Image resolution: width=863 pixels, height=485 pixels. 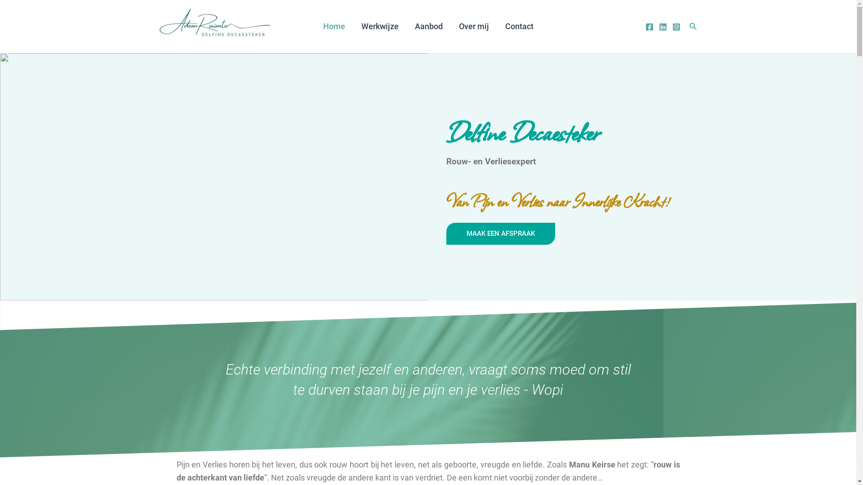 I want to click on 'Over mij', so click(x=473, y=26).